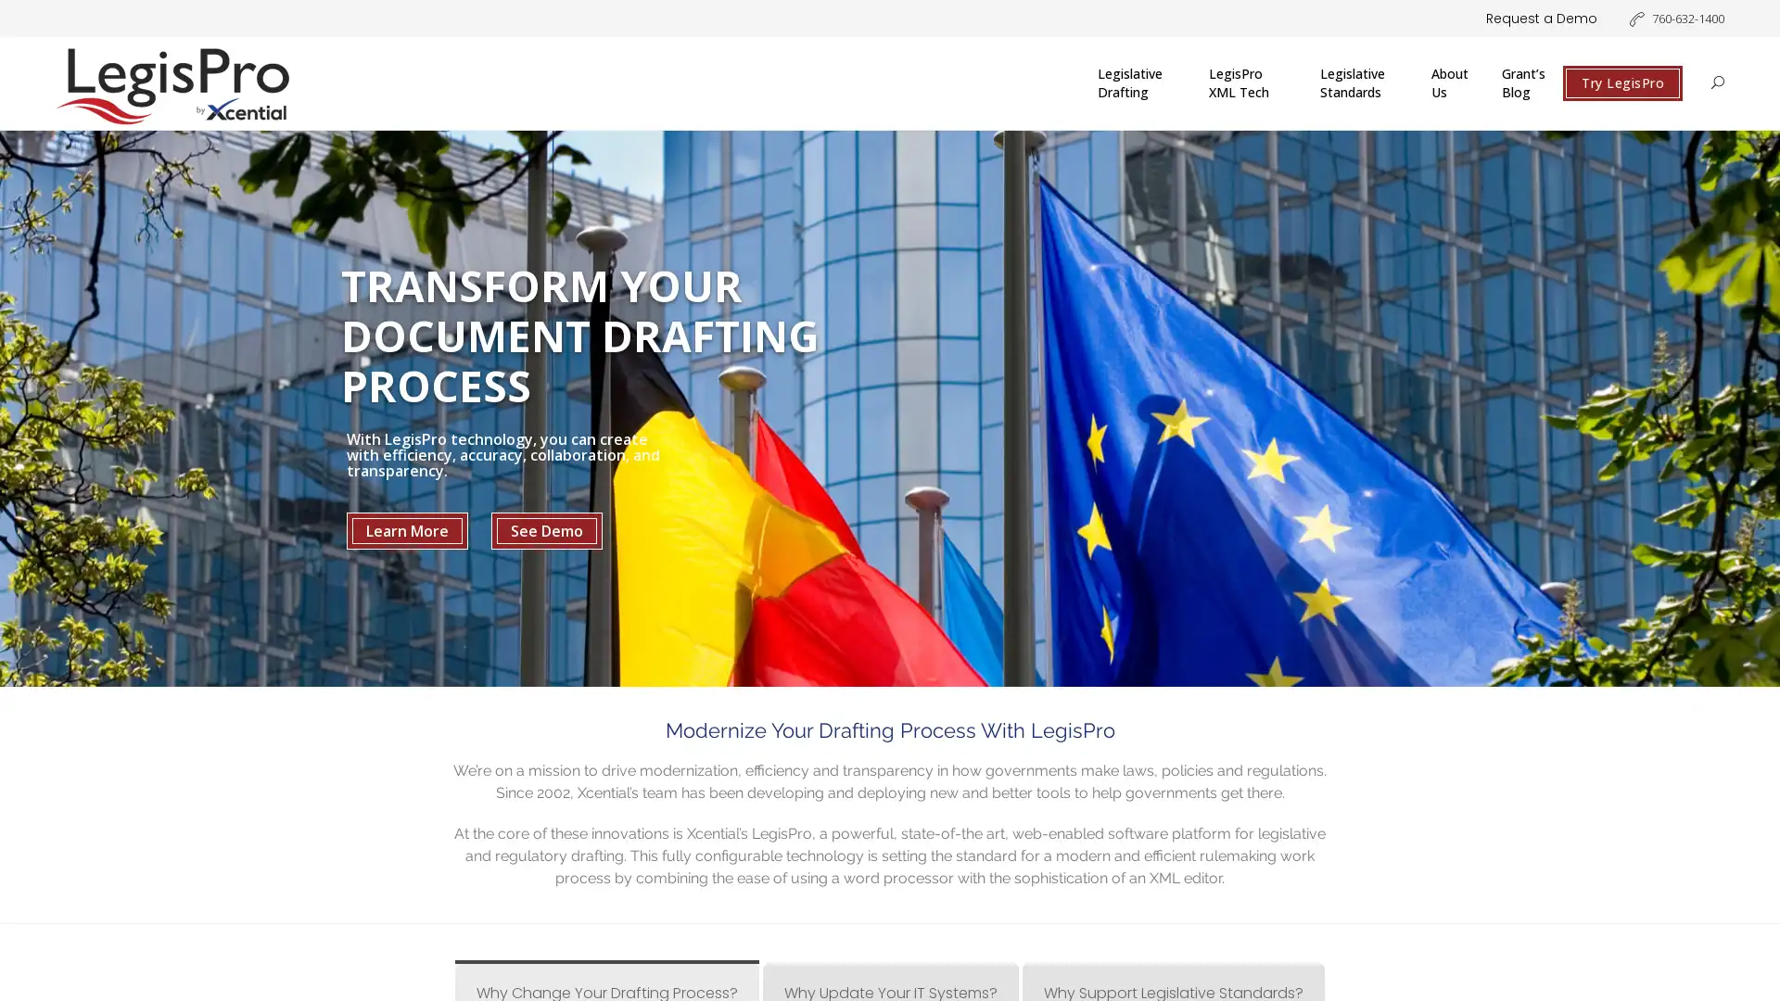 This screenshot has width=1780, height=1001. I want to click on Learn More, so click(406, 531).